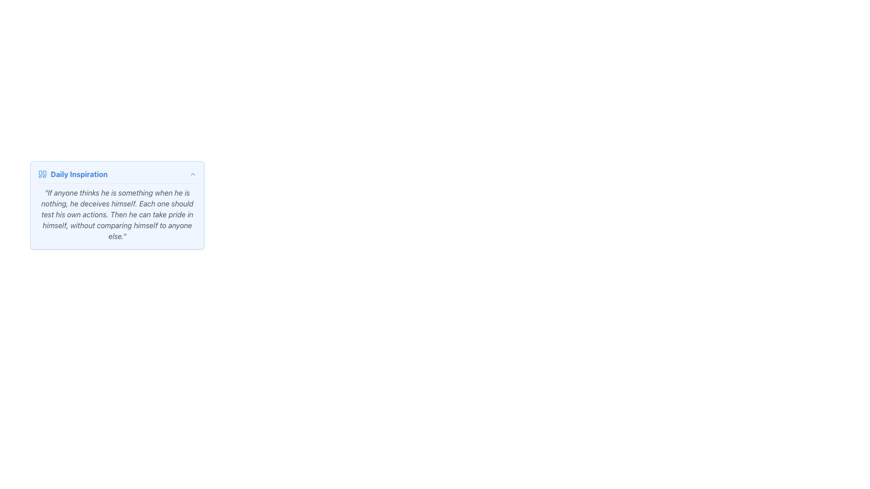  I want to click on the right-side quote shape inside the SVG icon of the 'Daily Inspiration' widget, which is positioned slightly higher and on the right-hand side of the two quote shapes, so click(44, 174).